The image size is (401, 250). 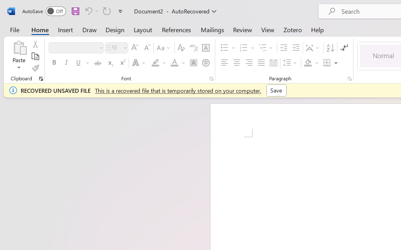 I want to click on 'Grow Font', so click(x=134, y=48).